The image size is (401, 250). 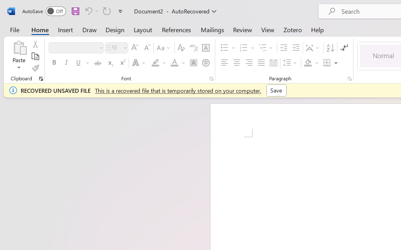 I want to click on 'Grow Font', so click(x=134, y=48).